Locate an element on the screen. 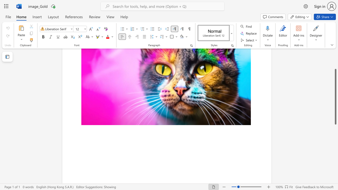 This screenshot has width=338, height=190. the scrollbar and move up 120 pixels is located at coordinates (335, 97).